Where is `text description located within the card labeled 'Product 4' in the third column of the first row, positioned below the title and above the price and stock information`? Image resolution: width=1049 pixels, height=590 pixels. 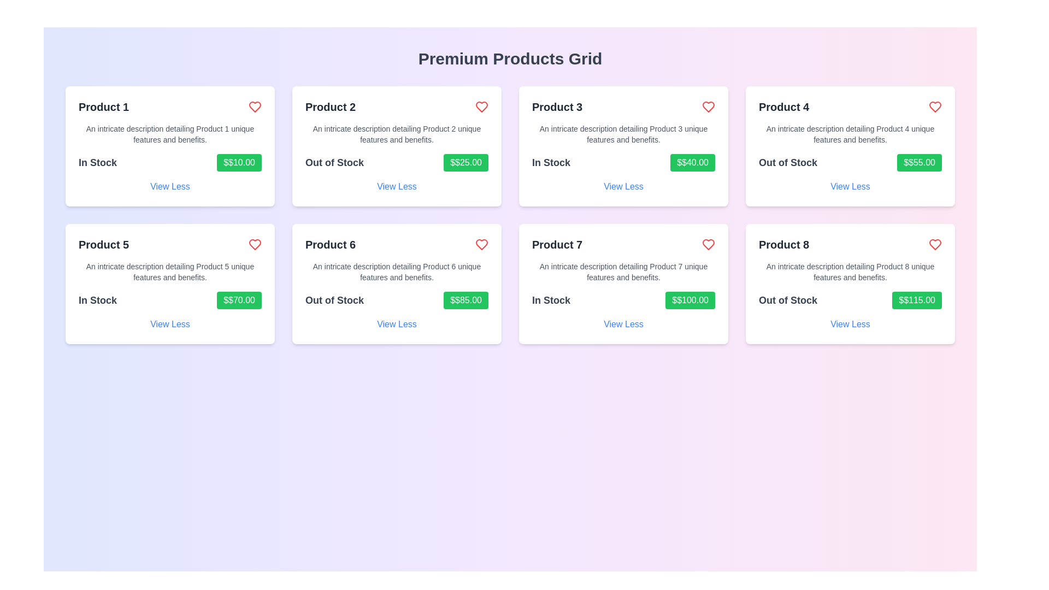 text description located within the card labeled 'Product 4' in the third column of the first row, positioned below the title and above the price and stock information is located at coordinates (850, 134).